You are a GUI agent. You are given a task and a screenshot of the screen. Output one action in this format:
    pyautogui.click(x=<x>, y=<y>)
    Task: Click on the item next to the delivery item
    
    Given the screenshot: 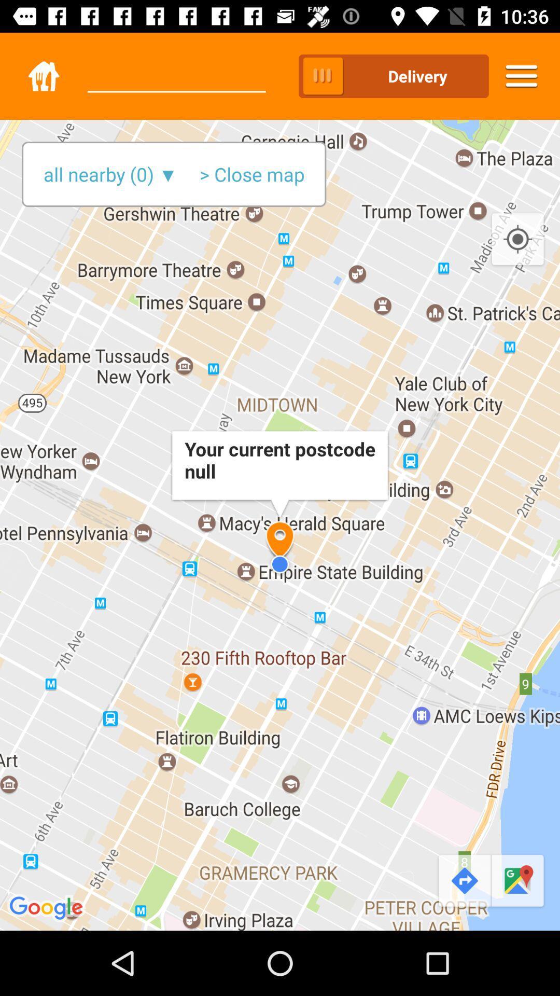 What is the action you would take?
    pyautogui.click(x=521, y=76)
    